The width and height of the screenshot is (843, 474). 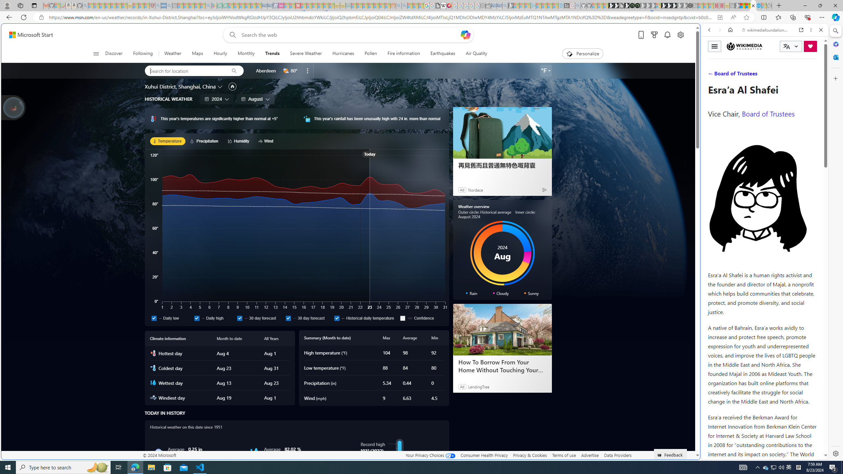 I want to click on 'CURRENT LANGUAGE:', so click(x=791, y=46).